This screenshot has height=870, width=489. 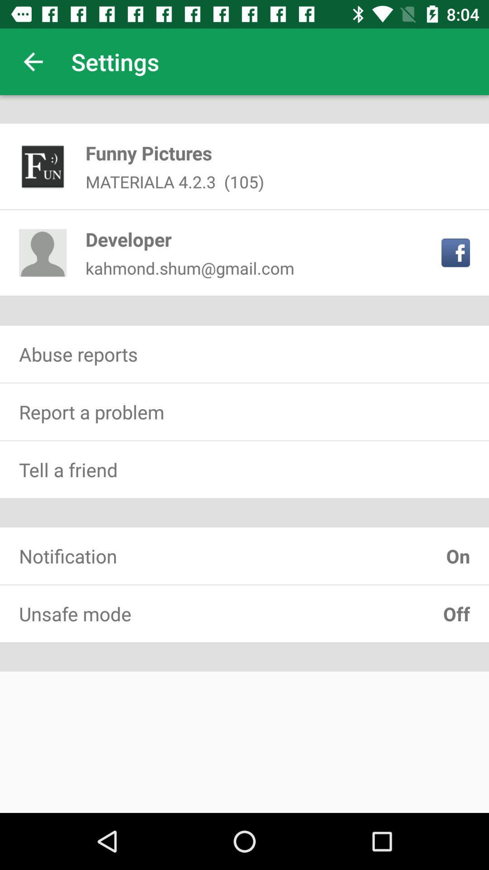 I want to click on app to the left of the settings icon, so click(x=33, y=61).